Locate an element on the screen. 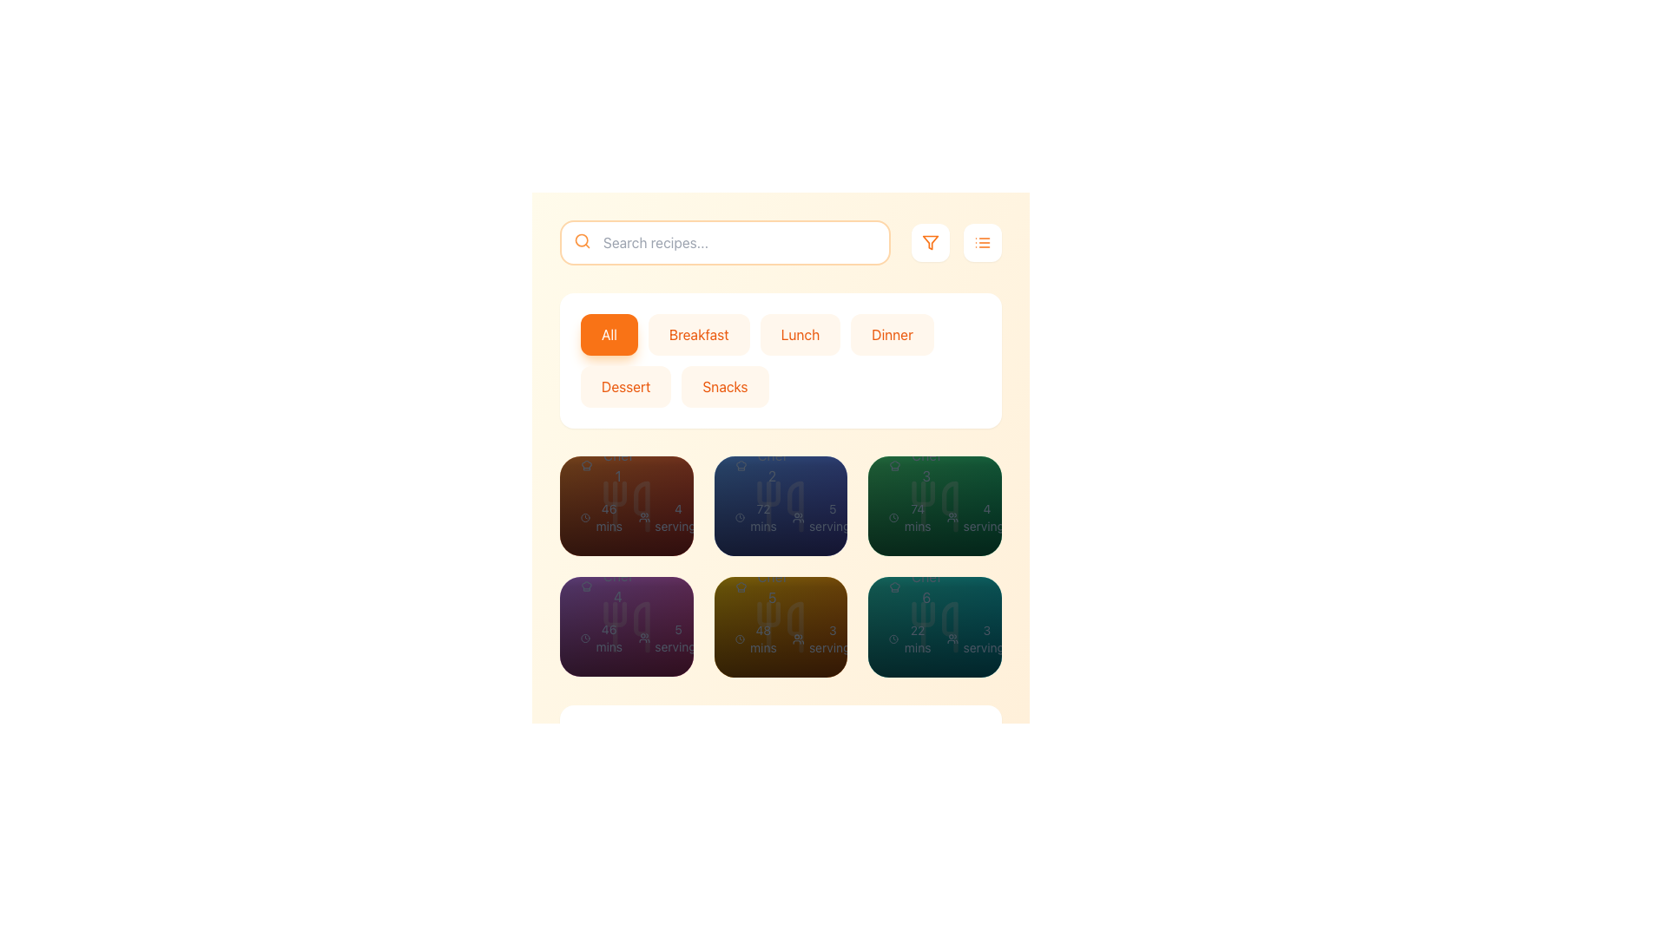  the Informational overlay panel located at the bottom of the first recipe card in the top-left corner of the recipe grid, which features a gradient overlay and contains text details about the recipe is located at coordinates (625, 465).